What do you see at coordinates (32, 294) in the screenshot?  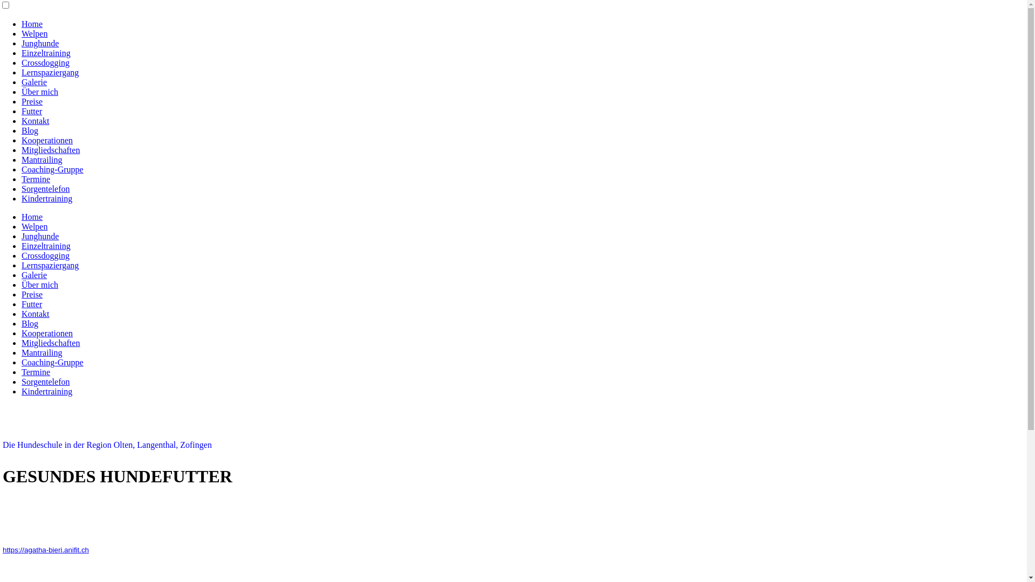 I see `'Preise'` at bounding box center [32, 294].